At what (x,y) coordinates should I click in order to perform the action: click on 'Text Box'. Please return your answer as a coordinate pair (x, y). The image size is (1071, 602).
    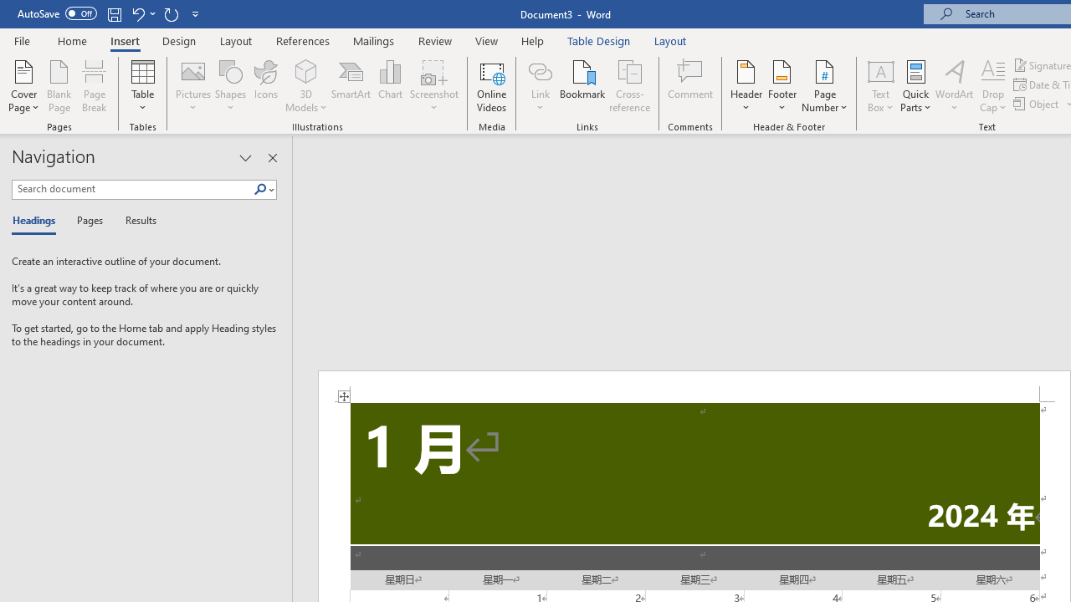
    Looking at the image, I should click on (879, 86).